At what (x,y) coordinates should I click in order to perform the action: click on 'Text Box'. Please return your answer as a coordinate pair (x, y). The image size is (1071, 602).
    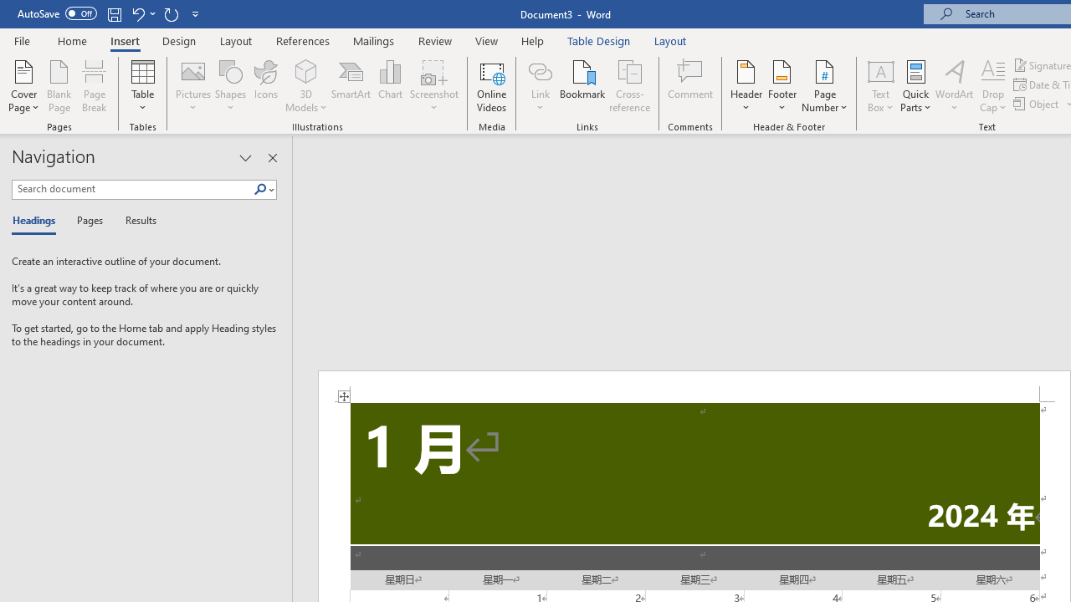
    Looking at the image, I should click on (879, 86).